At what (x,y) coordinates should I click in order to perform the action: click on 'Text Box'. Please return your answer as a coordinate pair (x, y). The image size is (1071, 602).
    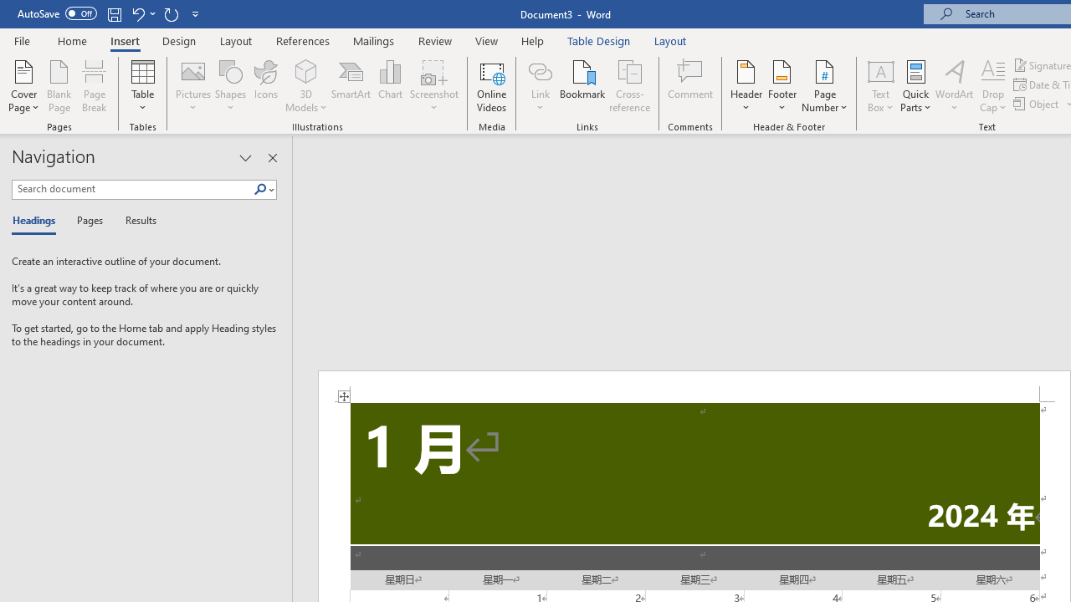
    Looking at the image, I should click on (879, 86).